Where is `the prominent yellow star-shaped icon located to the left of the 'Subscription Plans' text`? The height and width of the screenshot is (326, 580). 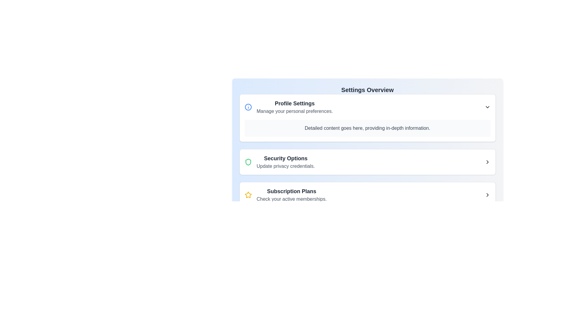 the prominent yellow star-shaped icon located to the left of the 'Subscription Plans' text is located at coordinates (248, 195).